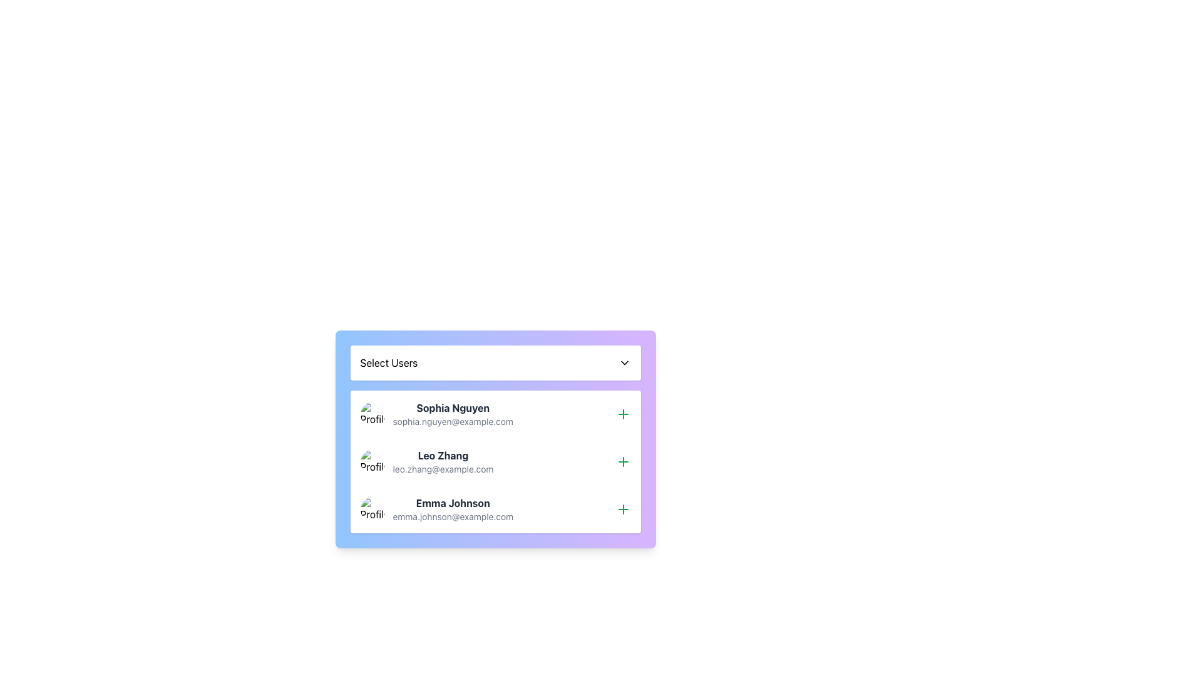 The image size is (1202, 676). What do you see at coordinates (426, 461) in the screenshot?
I see `the list item for 'Leo Zhang' that includes the name and email address to bring up the context menu` at bounding box center [426, 461].